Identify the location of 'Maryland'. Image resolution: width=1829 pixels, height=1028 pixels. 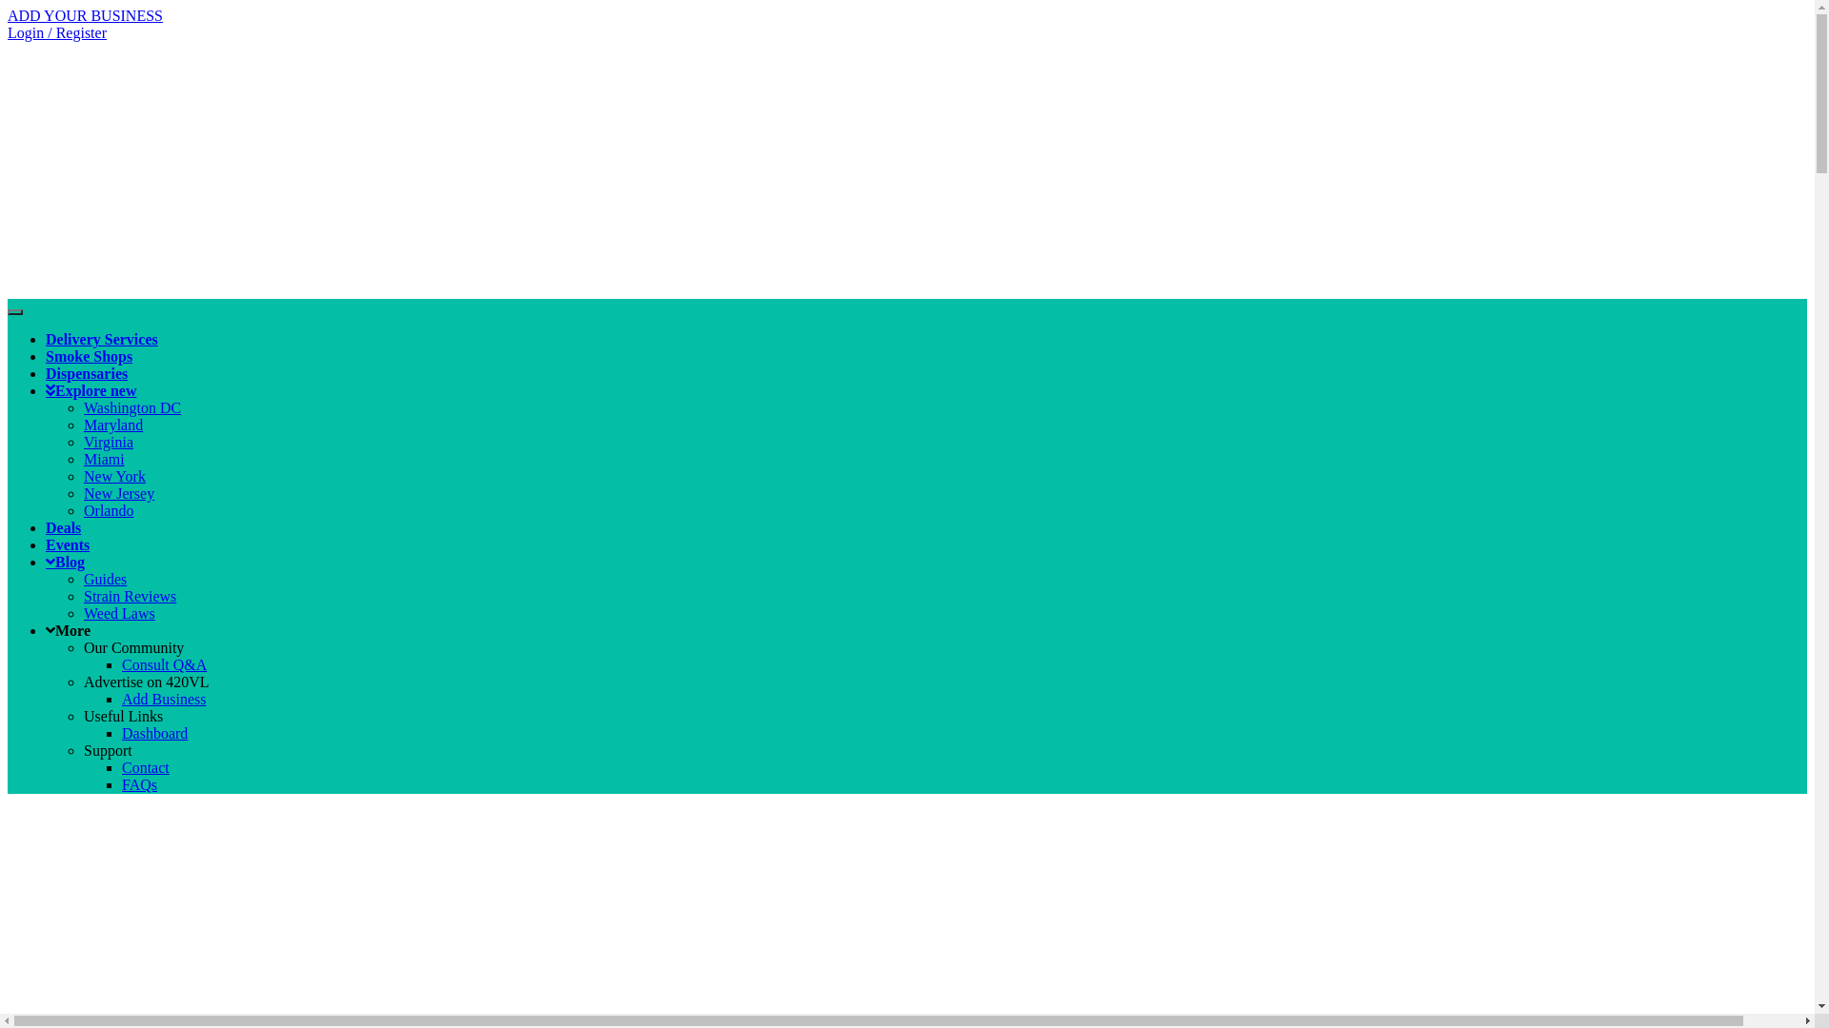
(112, 424).